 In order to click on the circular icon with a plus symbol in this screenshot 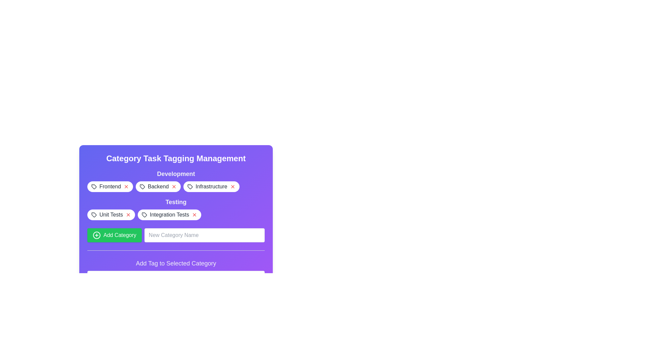, I will do `click(96, 235)`.